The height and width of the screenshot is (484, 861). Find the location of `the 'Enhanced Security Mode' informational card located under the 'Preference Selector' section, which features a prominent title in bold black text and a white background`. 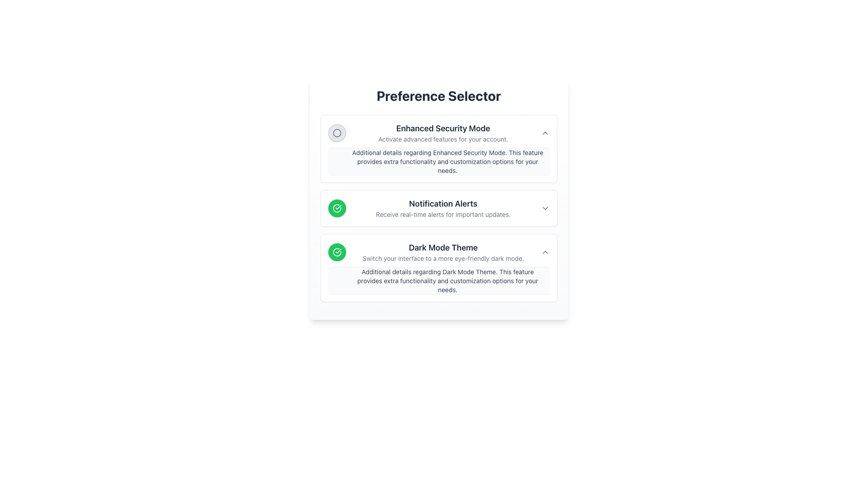

the 'Enhanced Security Mode' informational card located under the 'Preference Selector' section, which features a prominent title in bold black text and a white background is located at coordinates (439, 148).